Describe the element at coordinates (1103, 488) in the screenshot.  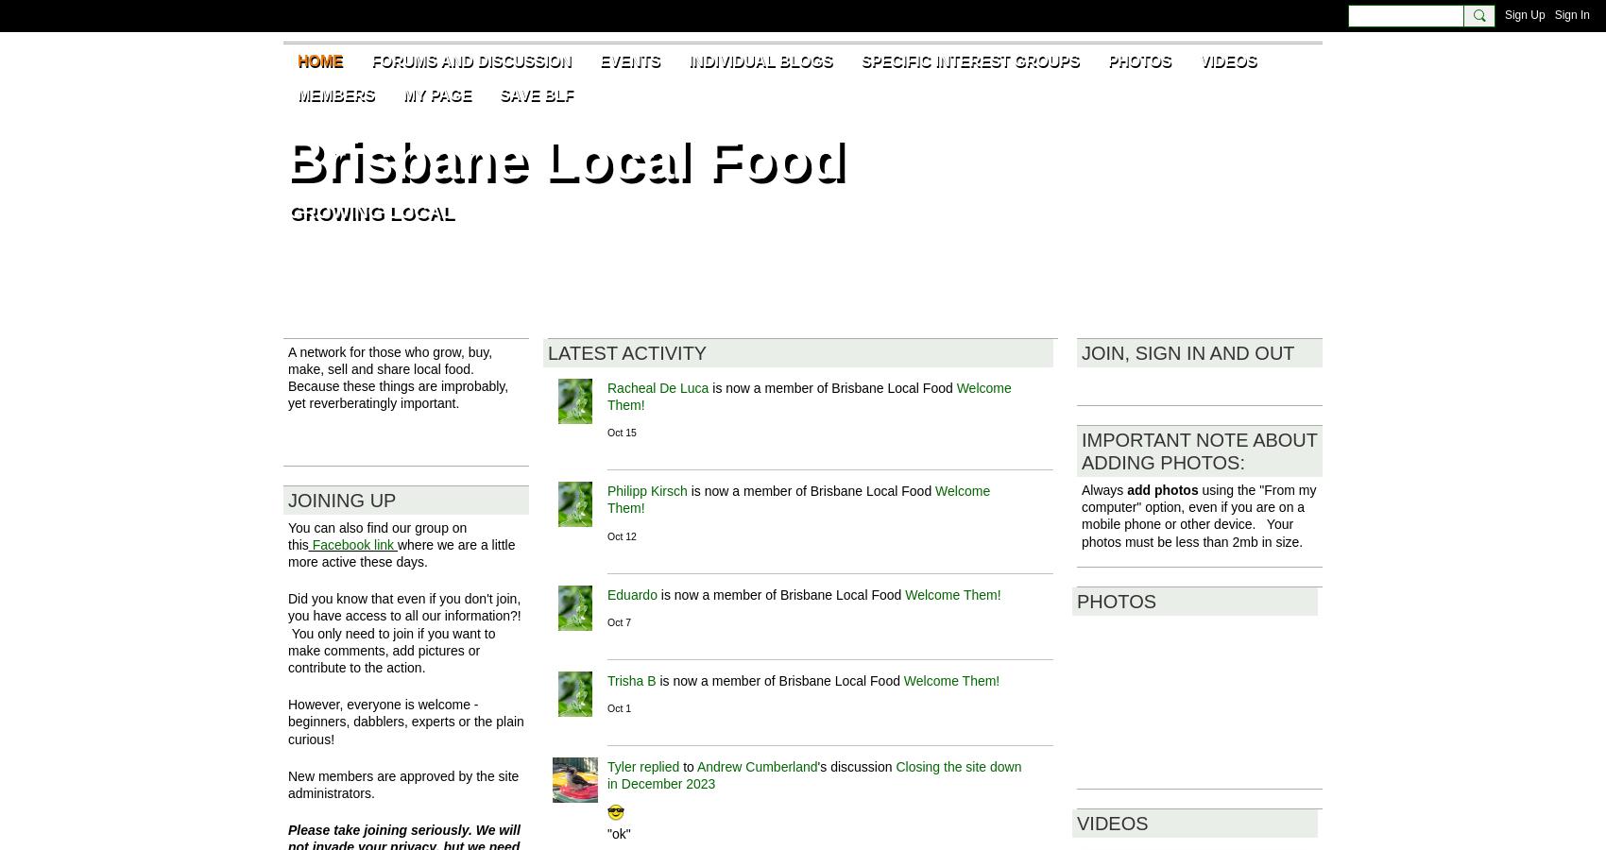
I see `'Always'` at that location.